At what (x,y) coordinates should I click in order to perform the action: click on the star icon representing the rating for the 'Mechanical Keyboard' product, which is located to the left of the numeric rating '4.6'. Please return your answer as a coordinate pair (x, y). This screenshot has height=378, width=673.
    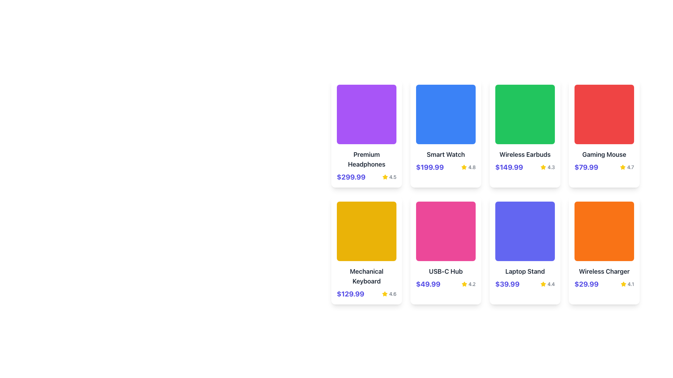
    Looking at the image, I should click on (385, 294).